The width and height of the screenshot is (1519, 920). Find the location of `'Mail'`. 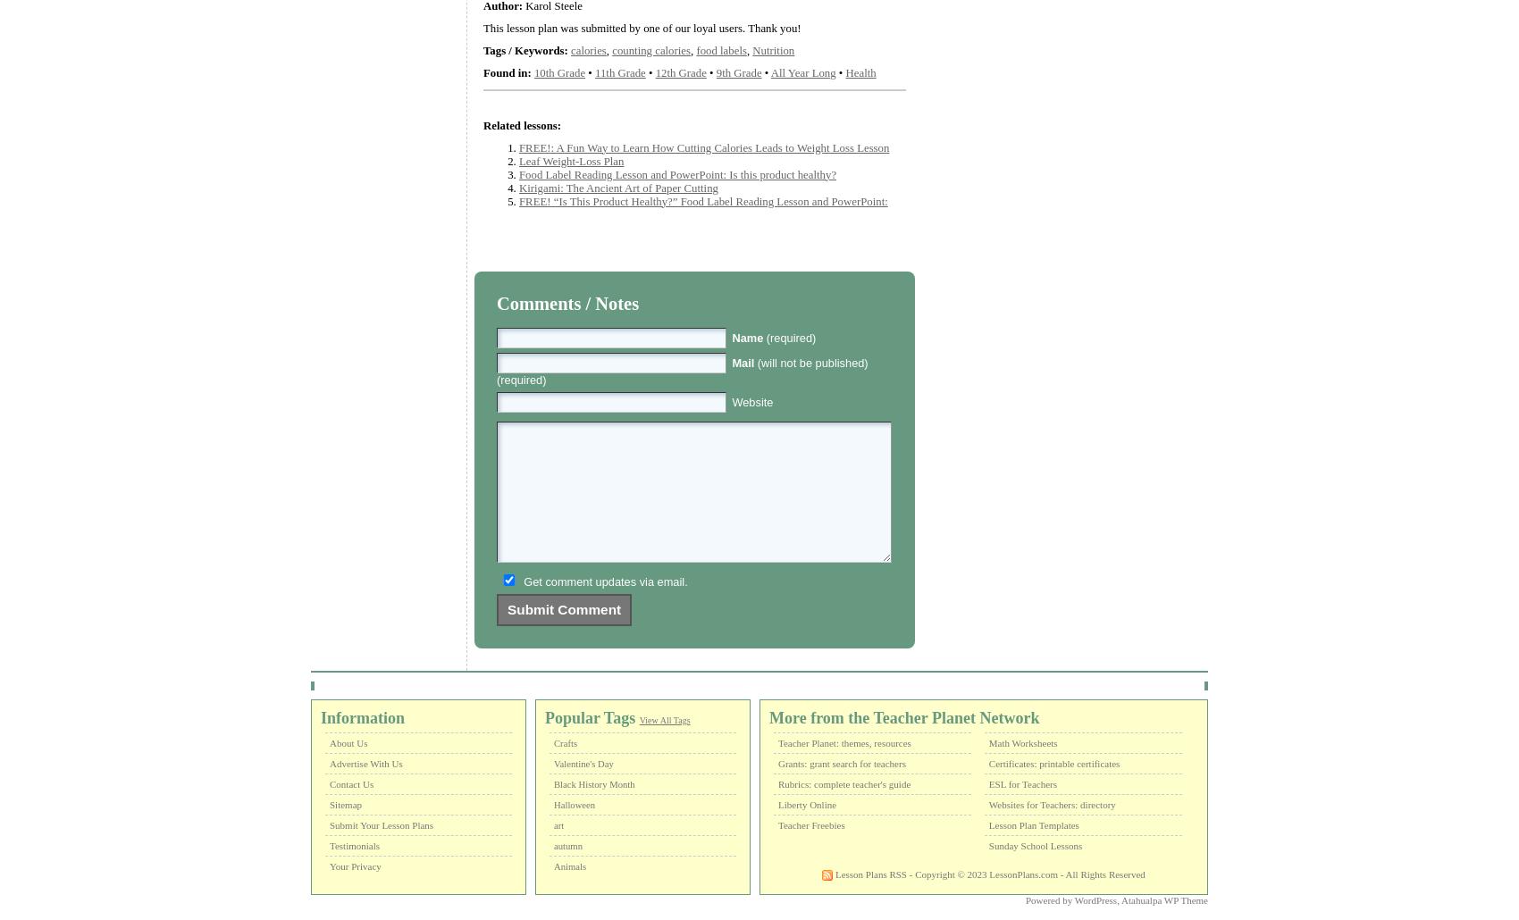

'Mail' is located at coordinates (742, 362).